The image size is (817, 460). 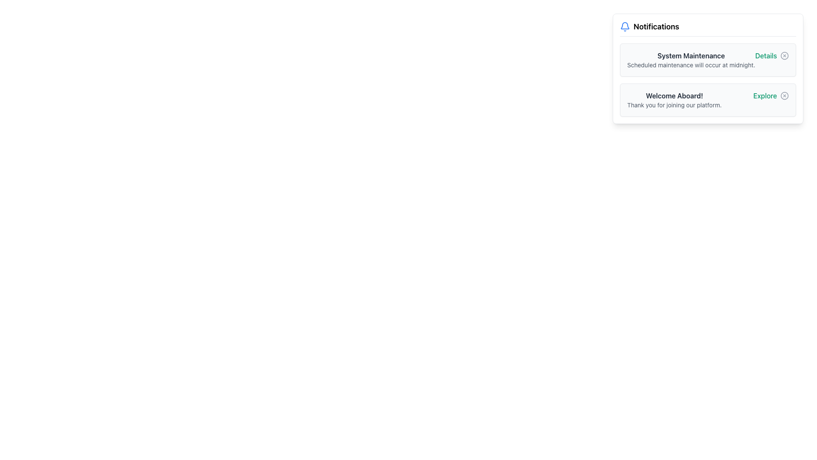 What do you see at coordinates (766, 56) in the screenshot?
I see `the 'Details' hyperlink styled in emerald green, located near the top-right of the 'System Maintenance' notification section` at bounding box center [766, 56].